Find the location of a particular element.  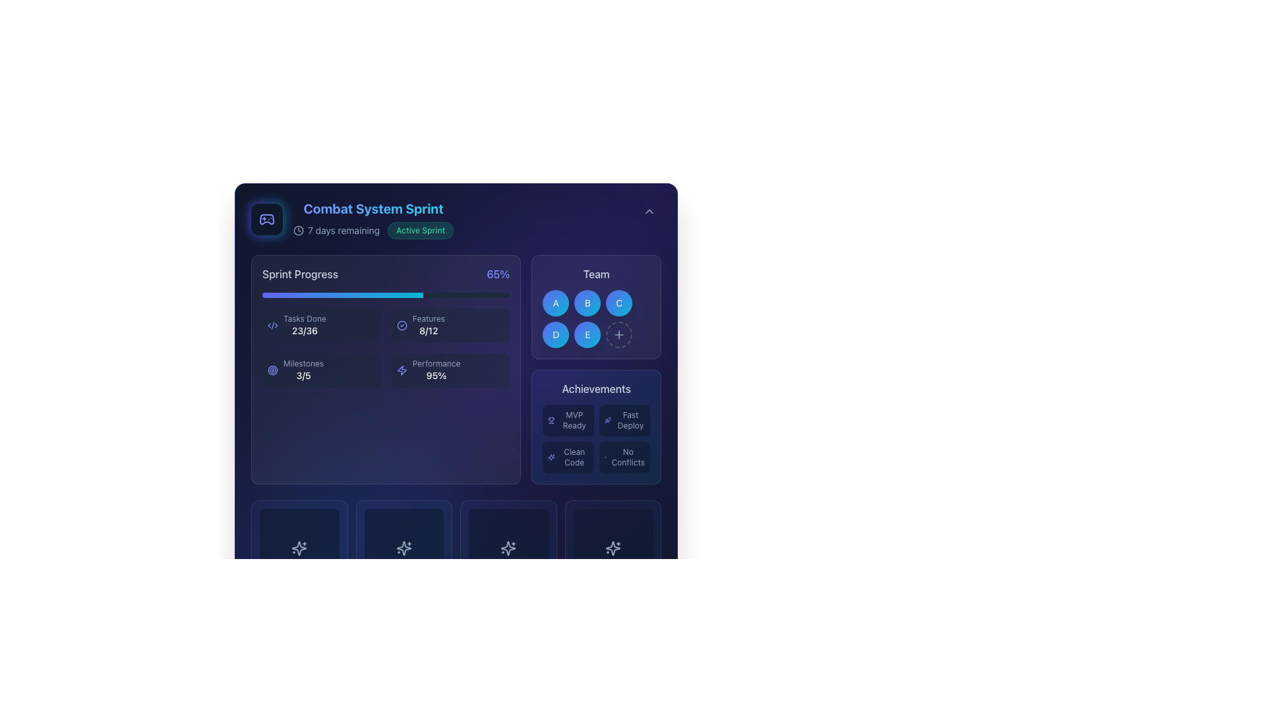

the displayed information of the 'Performance' text label, which shows '95%' in larger white text below 'Performance' in small gray text is located at coordinates (437, 371).